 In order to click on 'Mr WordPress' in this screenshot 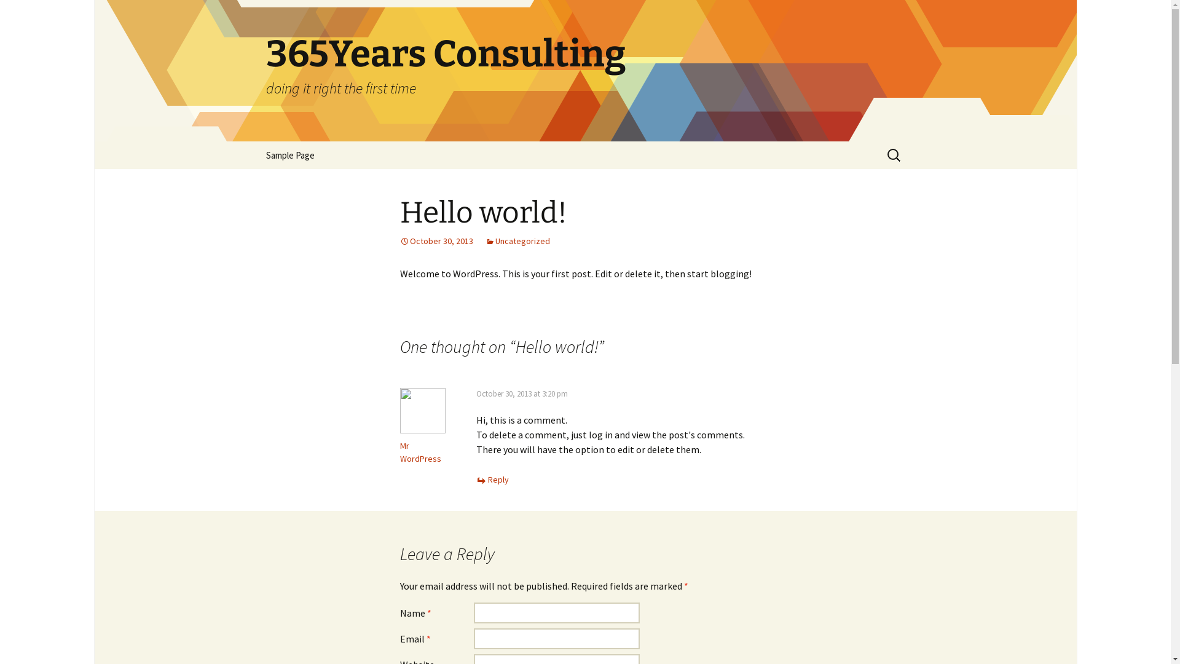, I will do `click(399, 452)`.